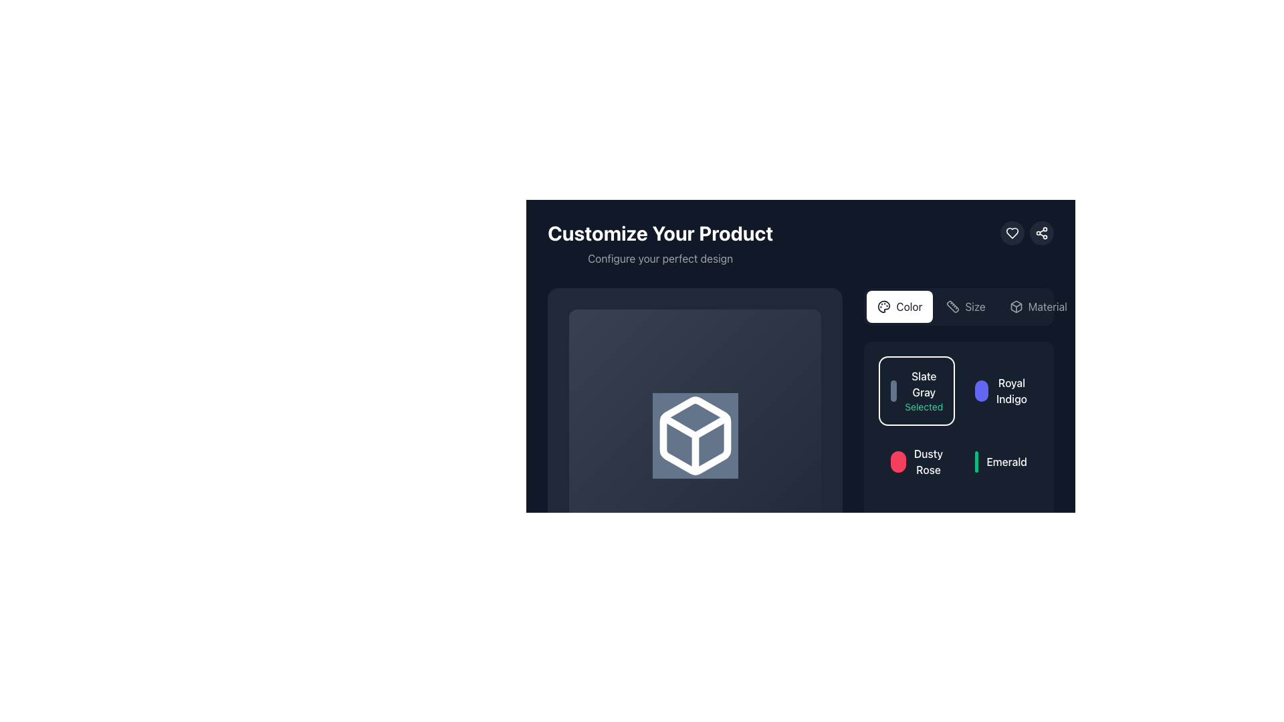 This screenshot has height=722, width=1284. I want to click on the Circular Button that represents the color slate gray, located adjacent to the text label 'Slate Gray' and the secondary label 'Selected', so click(893, 391).